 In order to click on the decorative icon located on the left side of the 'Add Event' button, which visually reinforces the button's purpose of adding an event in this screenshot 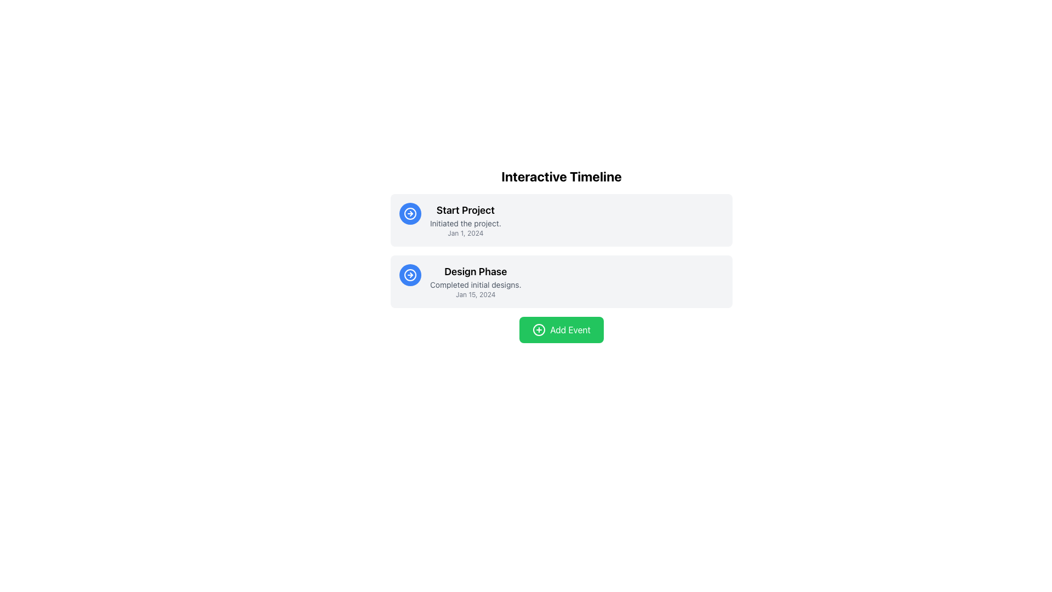, I will do `click(539, 329)`.